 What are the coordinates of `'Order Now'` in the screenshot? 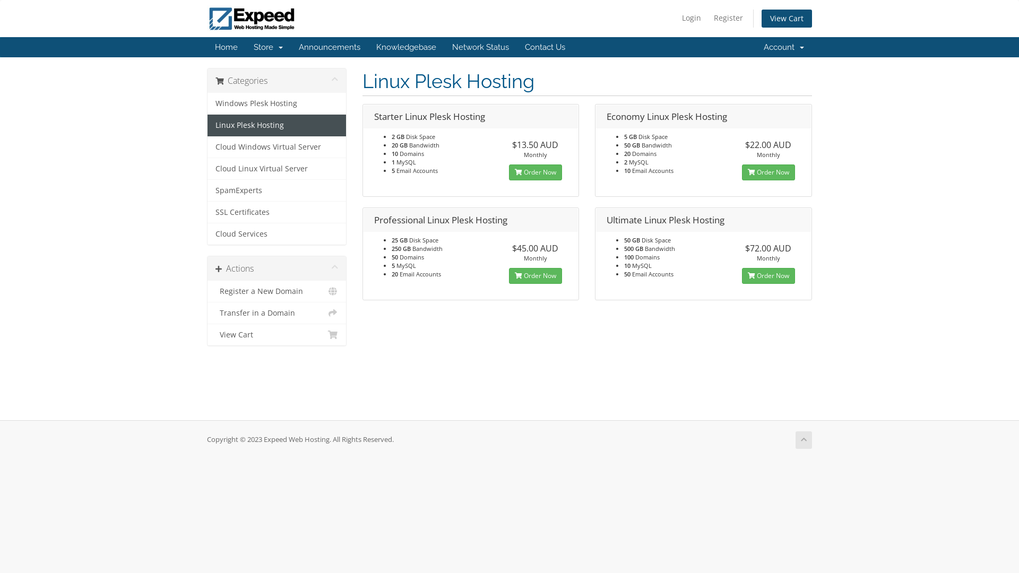 It's located at (768, 171).